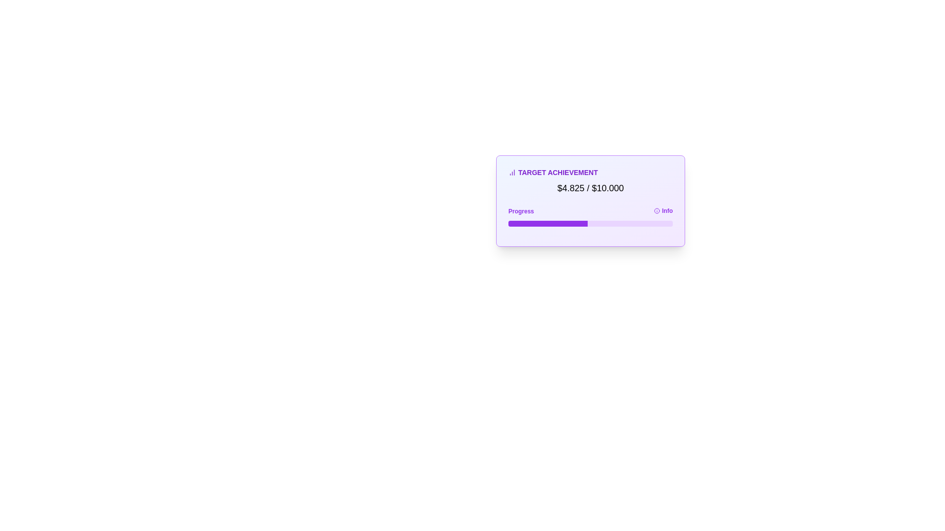 Image resolution: width=945 pixels, height=531 pixels. I want to click on the horizontal progress bar with a rounded design, located within the 'Target Achievement' card, which features a filled purple portion on the left and an unfilled light purple portion on the right, so click(591, 224).